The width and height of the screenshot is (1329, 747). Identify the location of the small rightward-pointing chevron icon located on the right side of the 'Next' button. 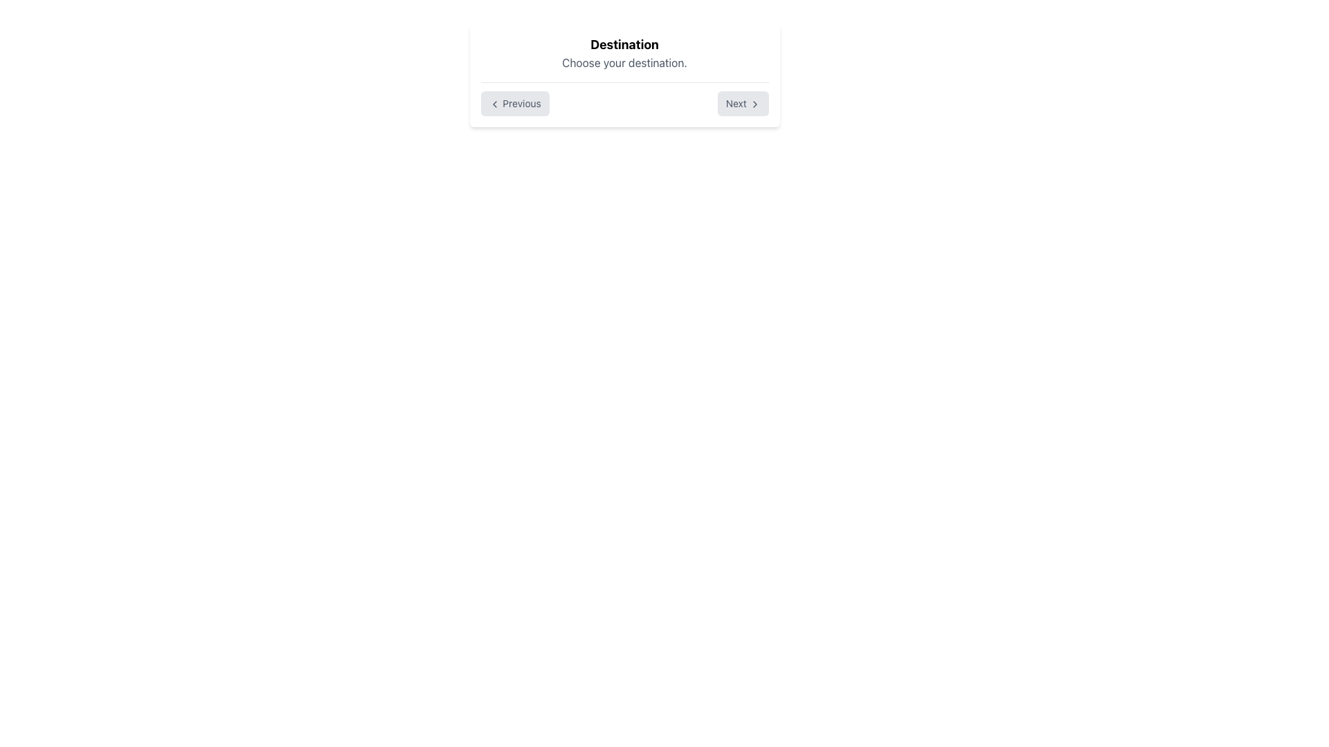
(754, 104).